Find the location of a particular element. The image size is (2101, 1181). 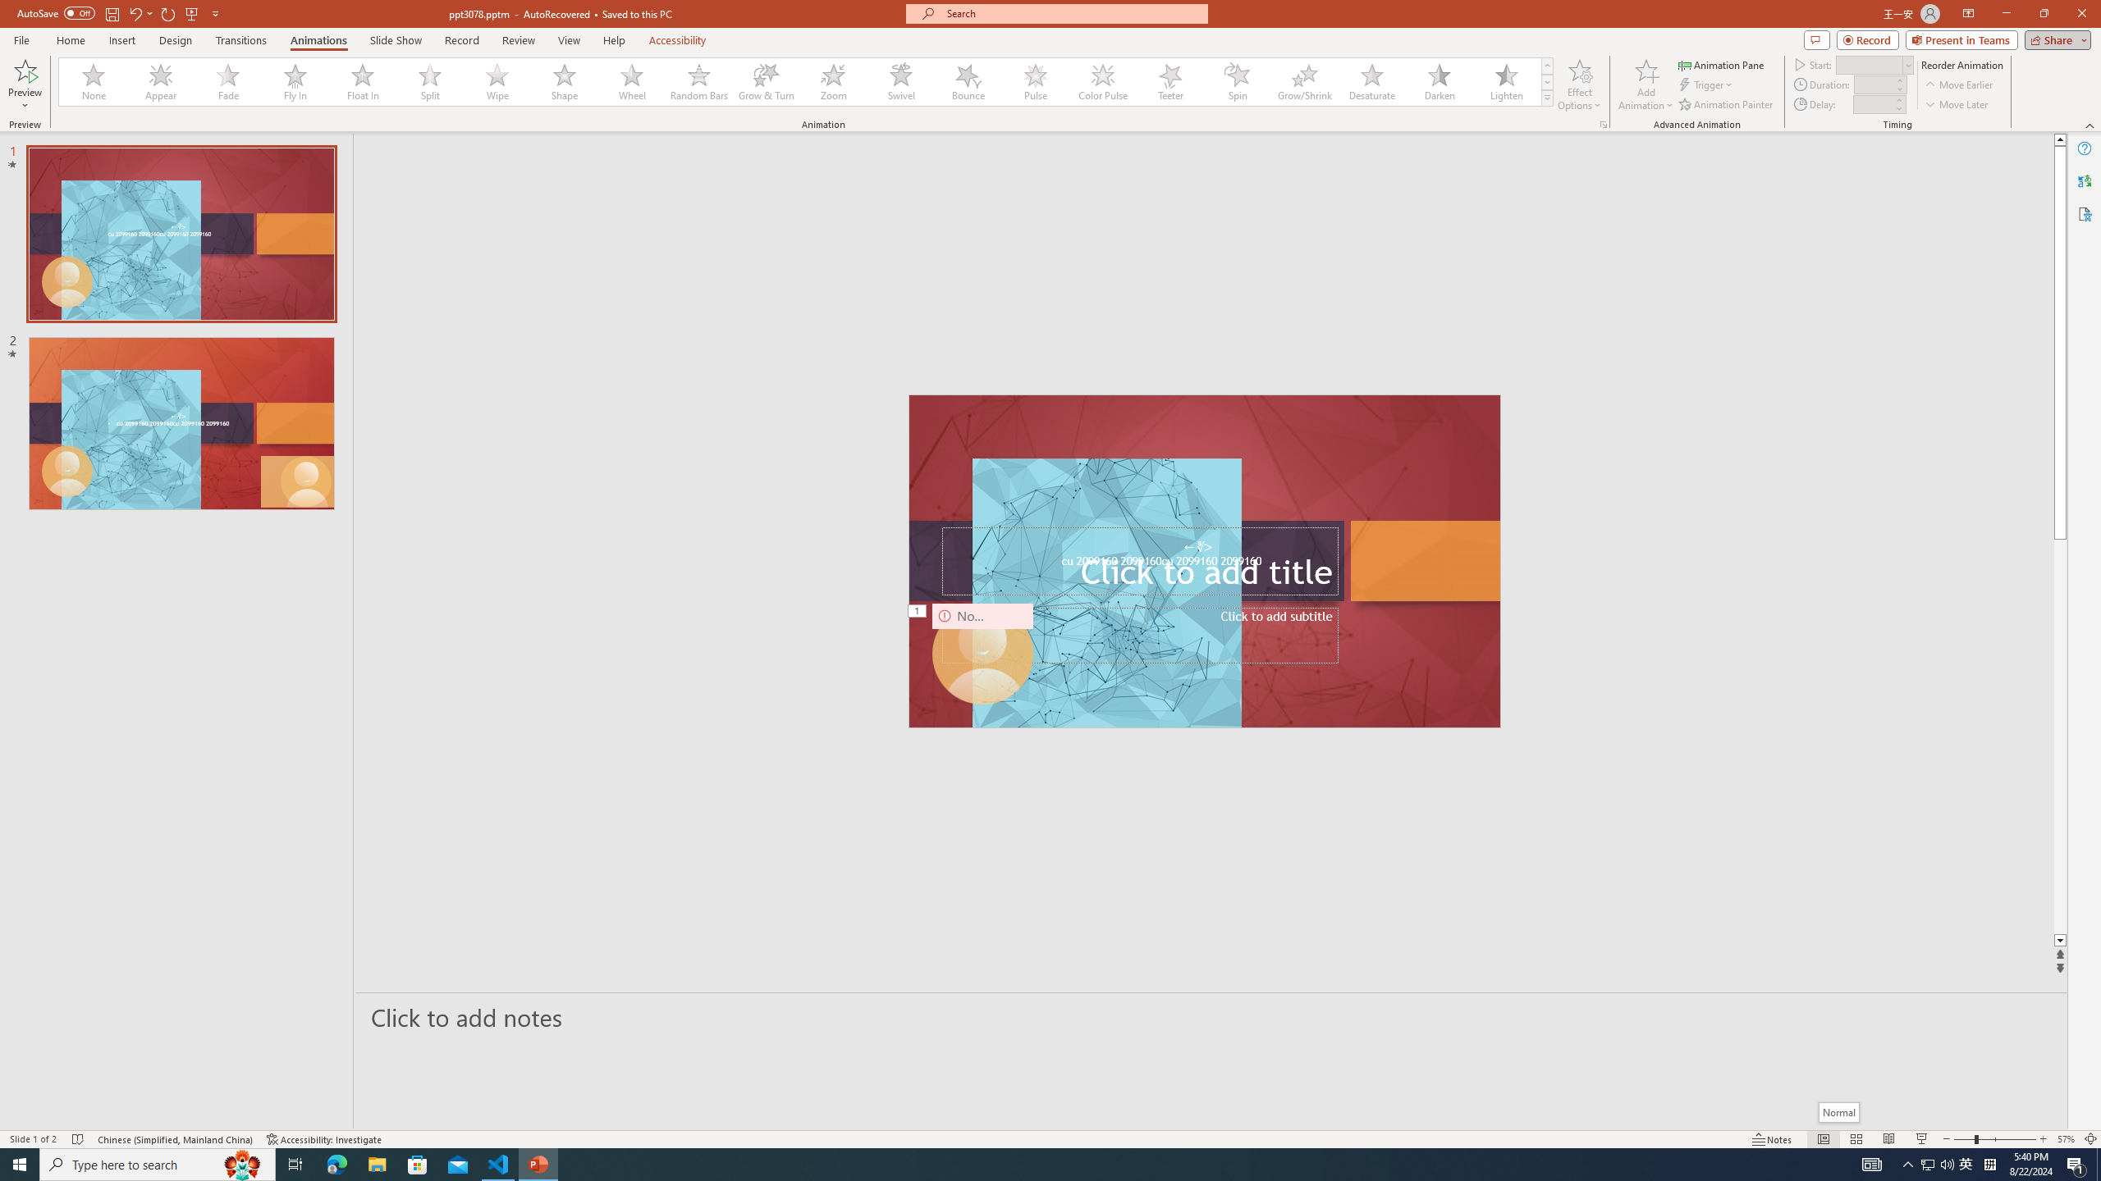

'Bounce' is located at coordinates (968, 81).